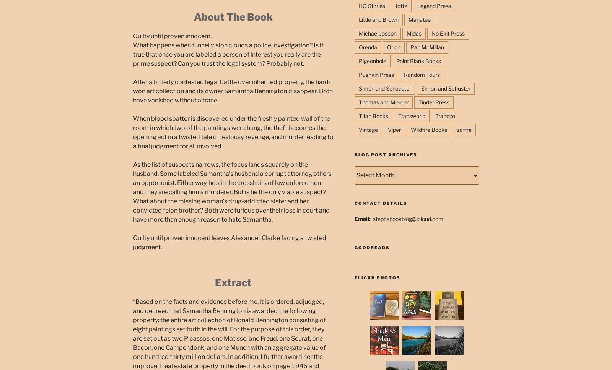 The height and width of the screenshot is (370, 612). Describe the element at coordinates (353, 203) in the screenshot. I see `'Contact Details'` at that location.